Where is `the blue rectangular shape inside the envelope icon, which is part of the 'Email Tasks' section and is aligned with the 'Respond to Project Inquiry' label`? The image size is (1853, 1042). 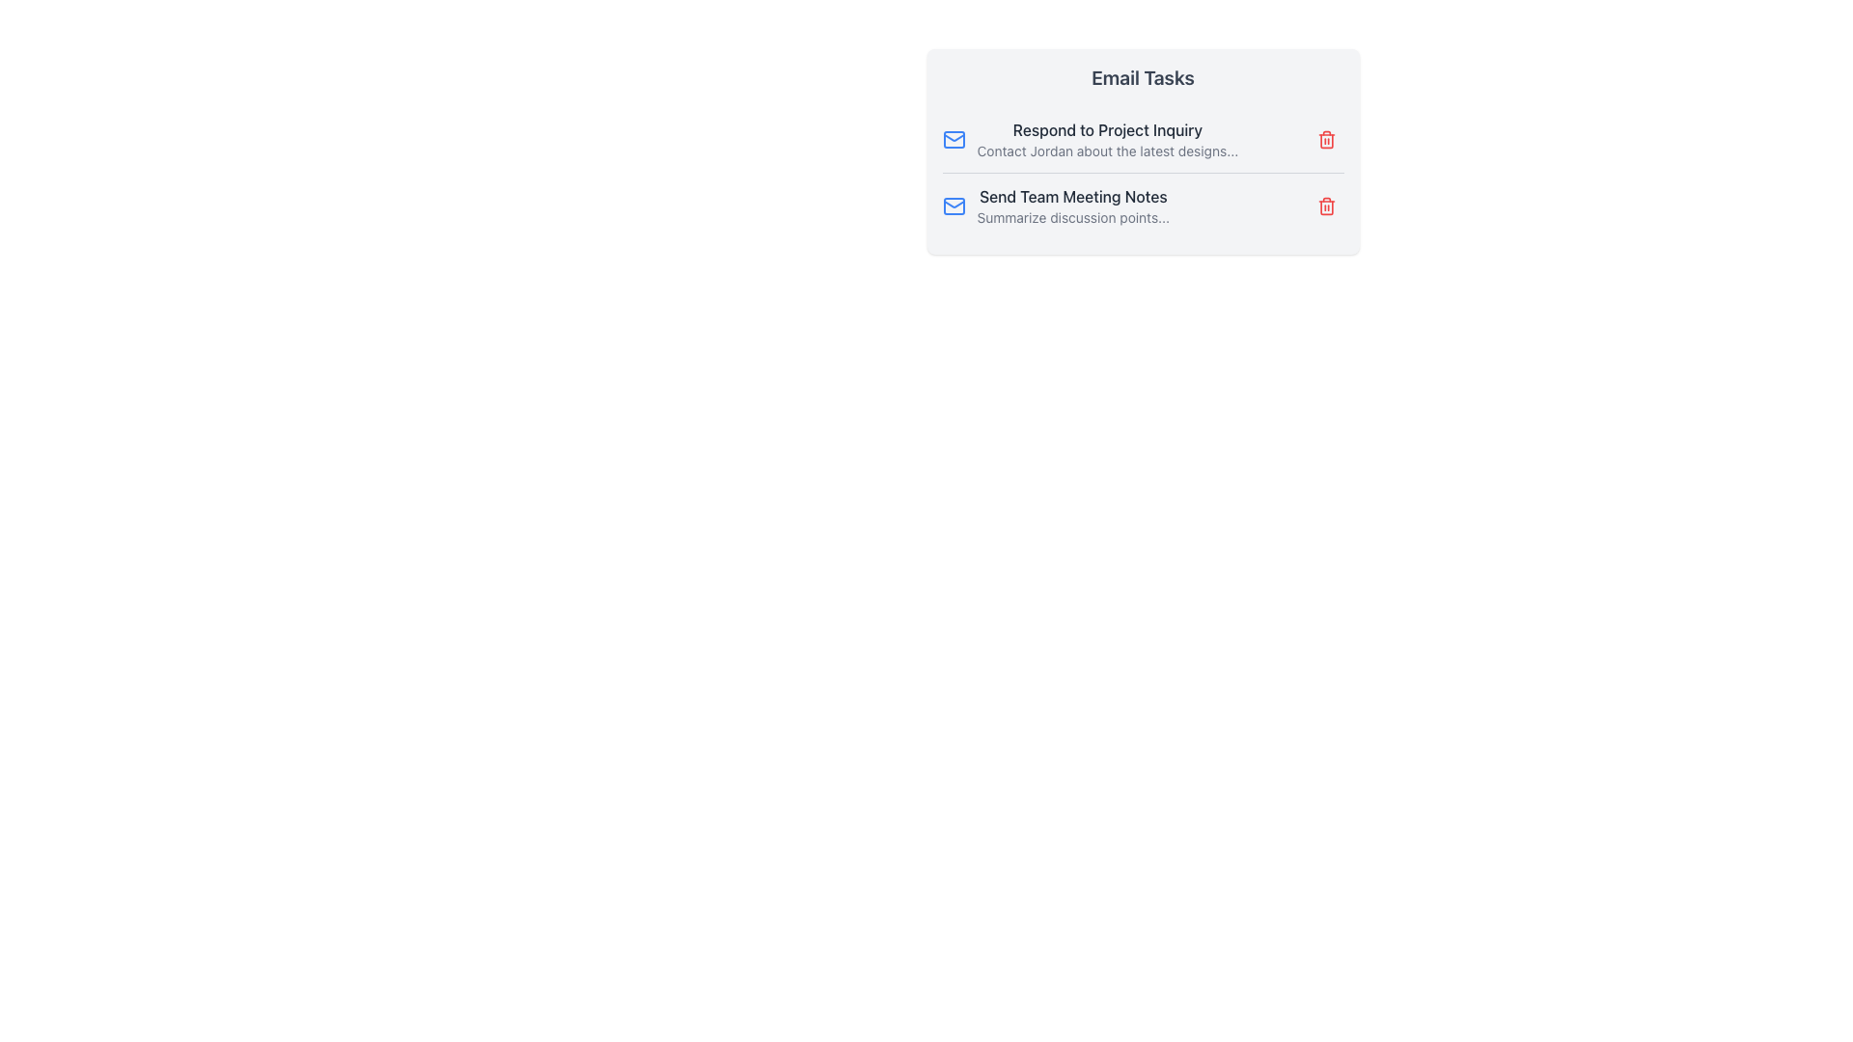 the blue rectangular shape inside the envelope icon, which is part of the 'Email Tasks' section and is aligned with the 'Respond to Project Inquiry' label is located at coordinates (954, 139).